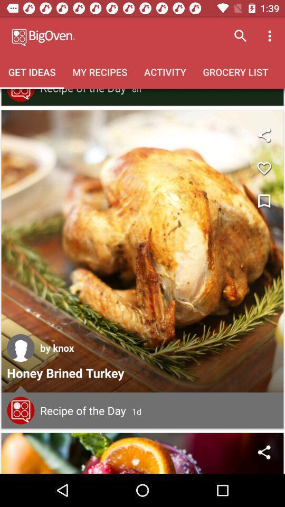  Describe the element at coordinates (21, 410) in the screenshot. I see `recipe` at that location.